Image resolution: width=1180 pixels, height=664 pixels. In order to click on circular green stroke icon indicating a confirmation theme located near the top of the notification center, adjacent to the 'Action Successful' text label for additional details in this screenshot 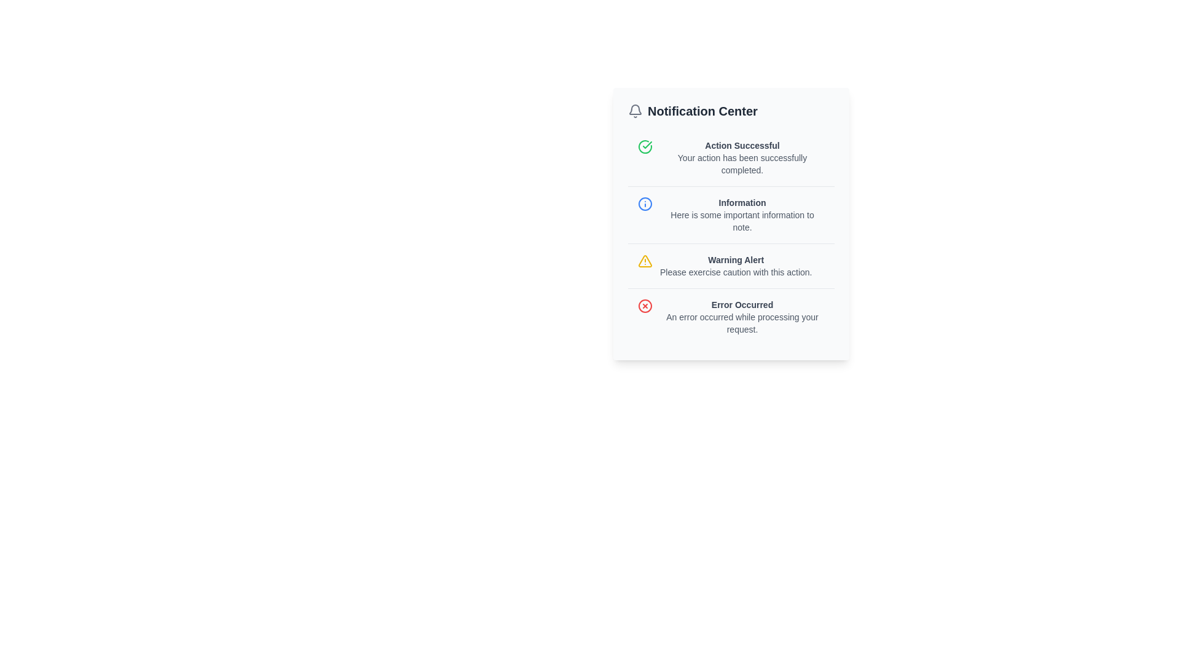, I will do `click(645, 146)`.